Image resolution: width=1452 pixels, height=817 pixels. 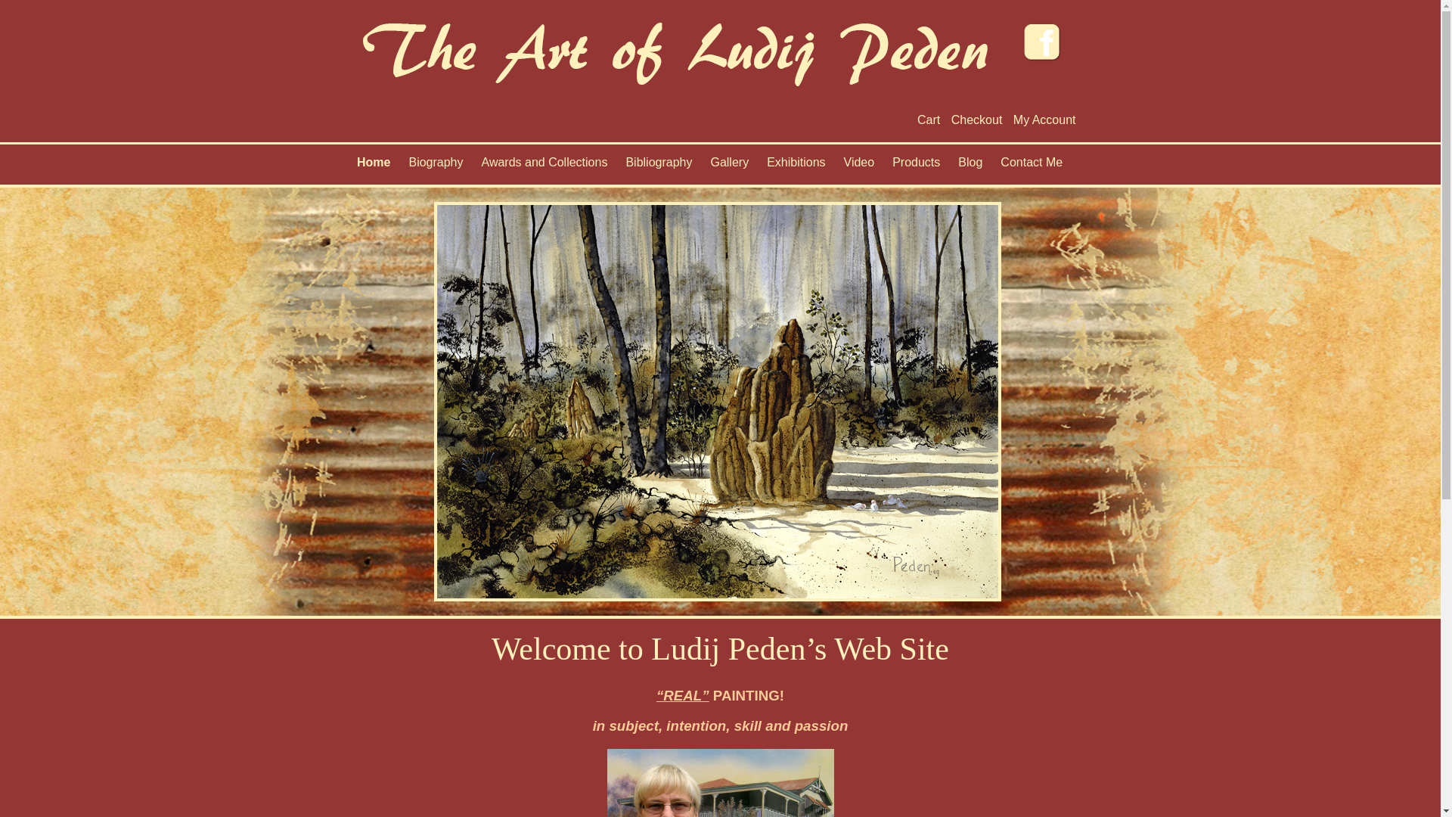 What do you see at coordinates (544, 166) in the screenshot?
I see `'Awards and Collections'` at bounding box center [544, 166].